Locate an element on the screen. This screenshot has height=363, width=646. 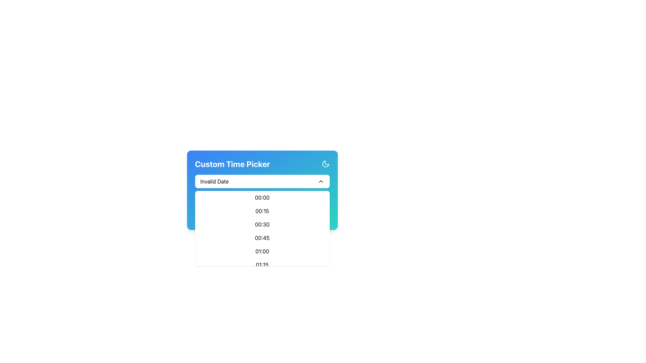
to select the time option '01:00' from the dropdown list in the time picker menu, which is the fifth item located centrally beneath '00:45' and above '01:15' is located at coordinates (262, 251).